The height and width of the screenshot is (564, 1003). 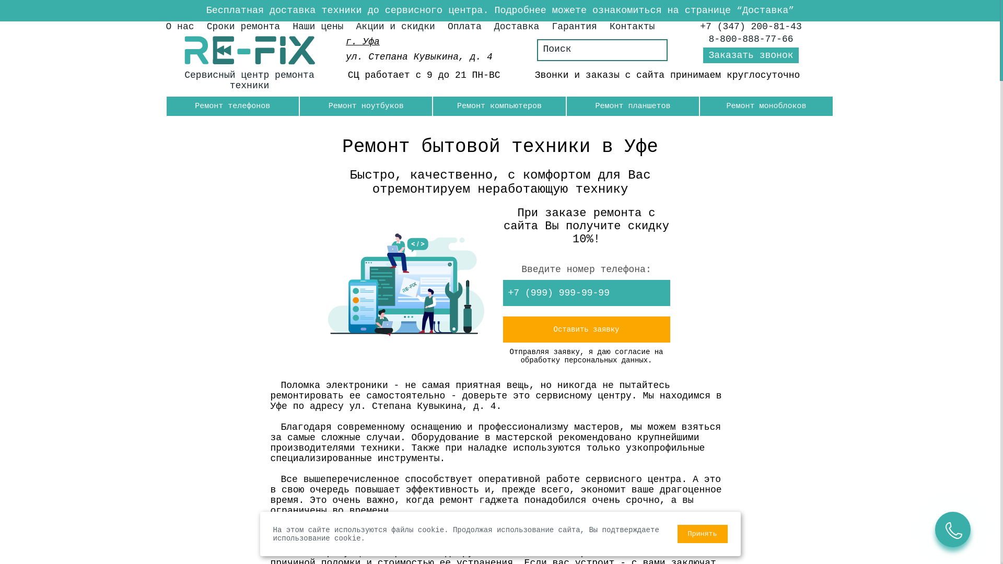 What do you see at coordinates (750, 26) in the screenshot?
I see `'+7 (347) 200-81-43'` at bounding box center [750, 26].